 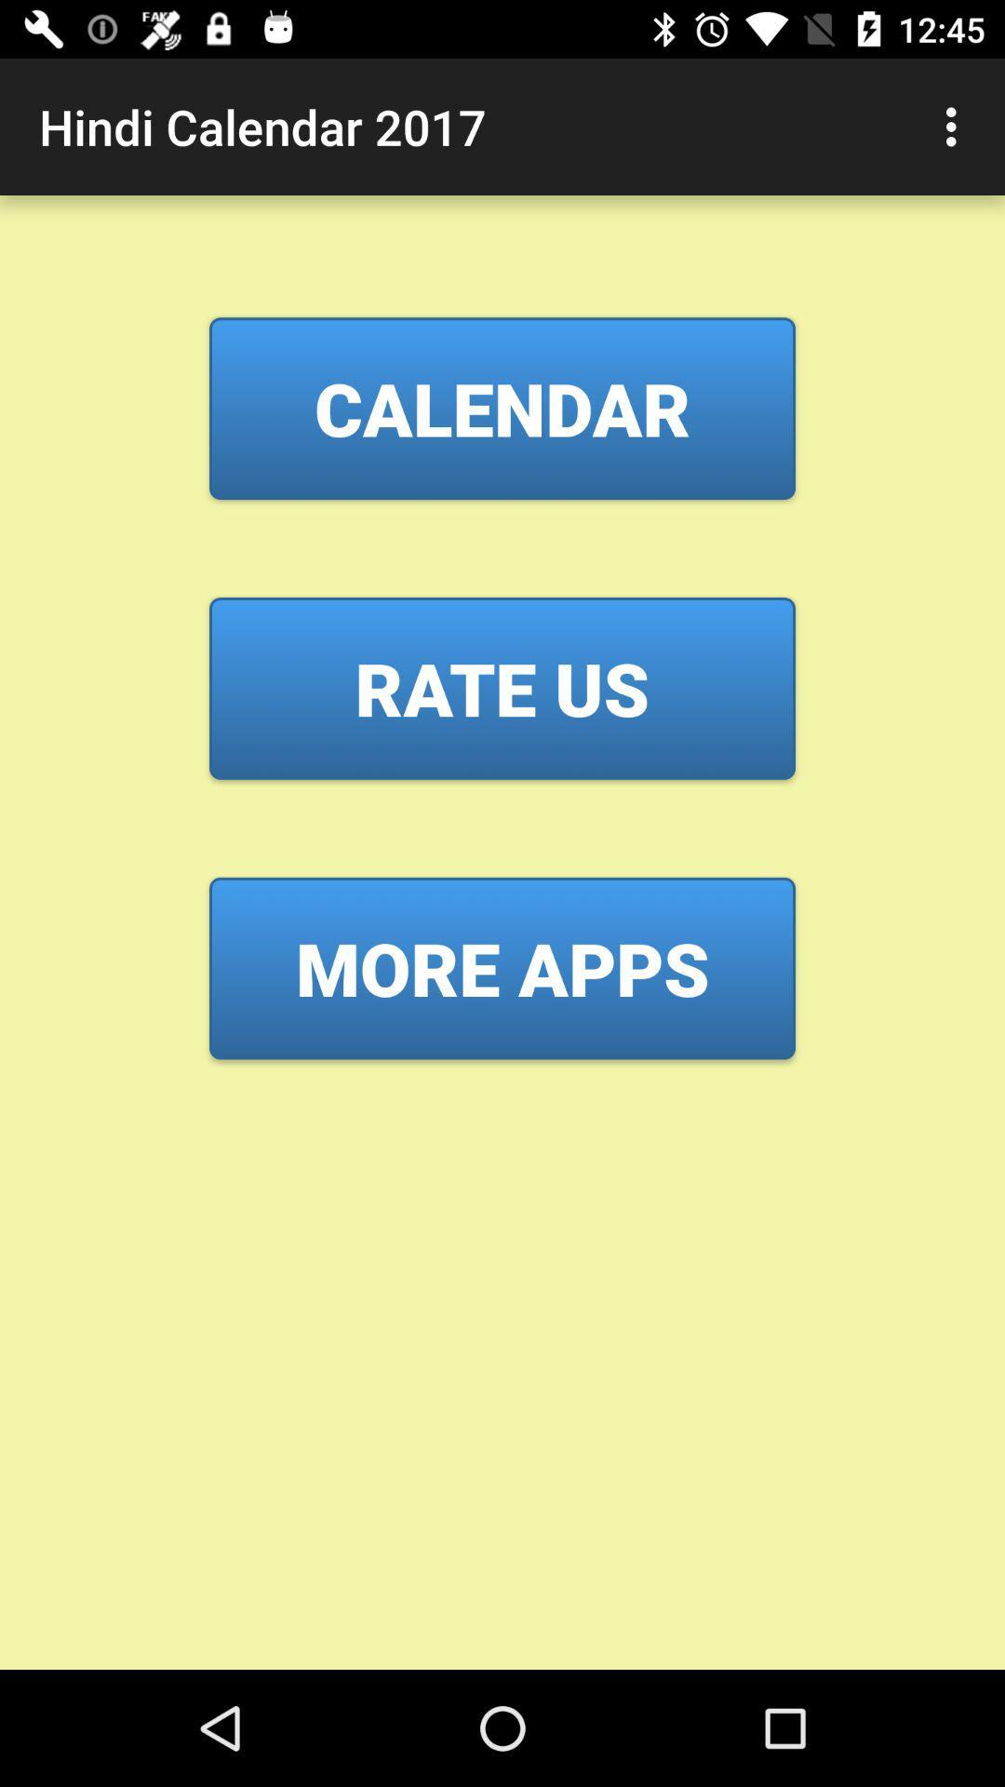 I want to click on icon next to hindi calendar 2017, so click(x=956, y=126).